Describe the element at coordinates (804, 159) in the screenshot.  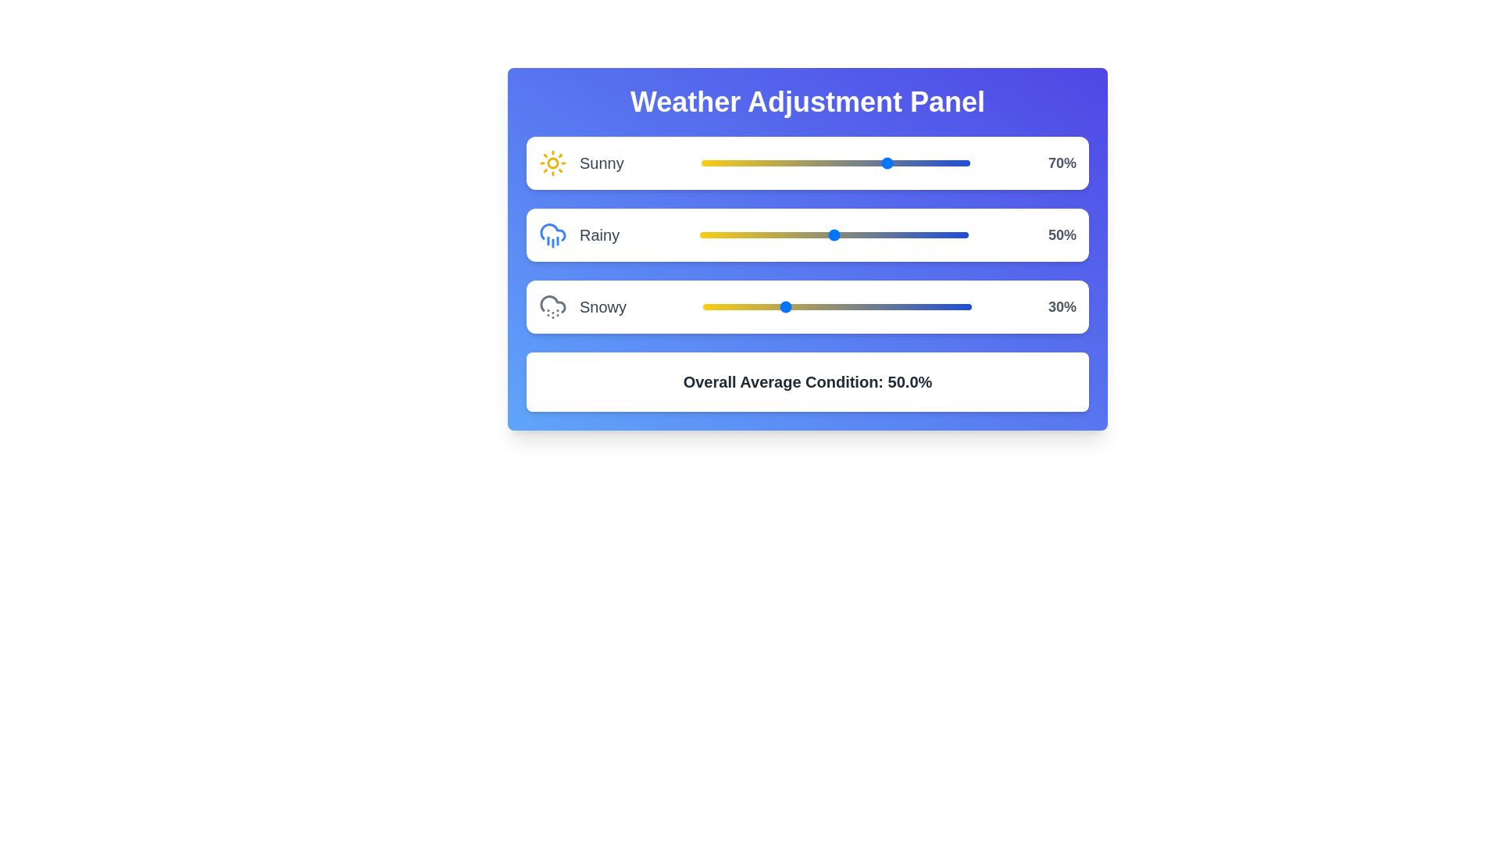
I see `the 'Sunny' slider` at that location.